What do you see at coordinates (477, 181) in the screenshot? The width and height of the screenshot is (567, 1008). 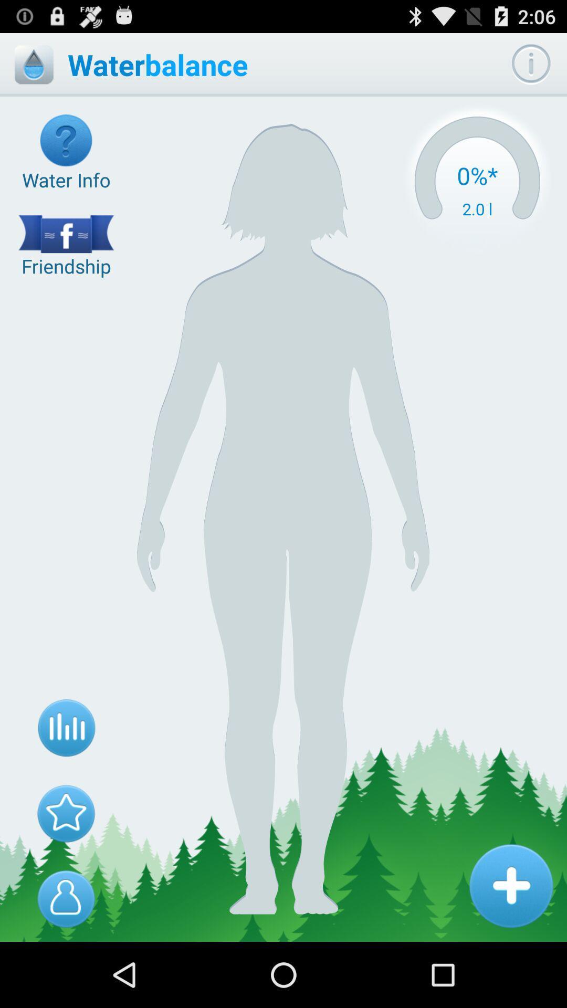 I see `the icon next to waterbalance icon` at bounding box center [477, 181].